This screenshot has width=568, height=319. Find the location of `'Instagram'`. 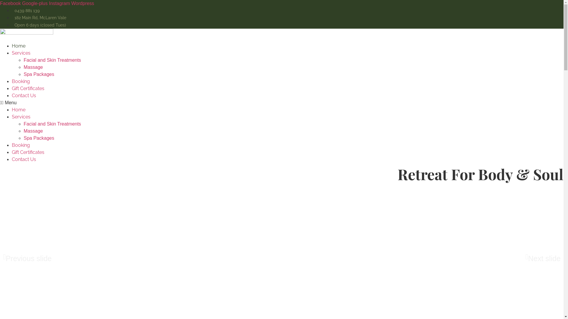

'Instagram' is located at coordinates (60, 3).